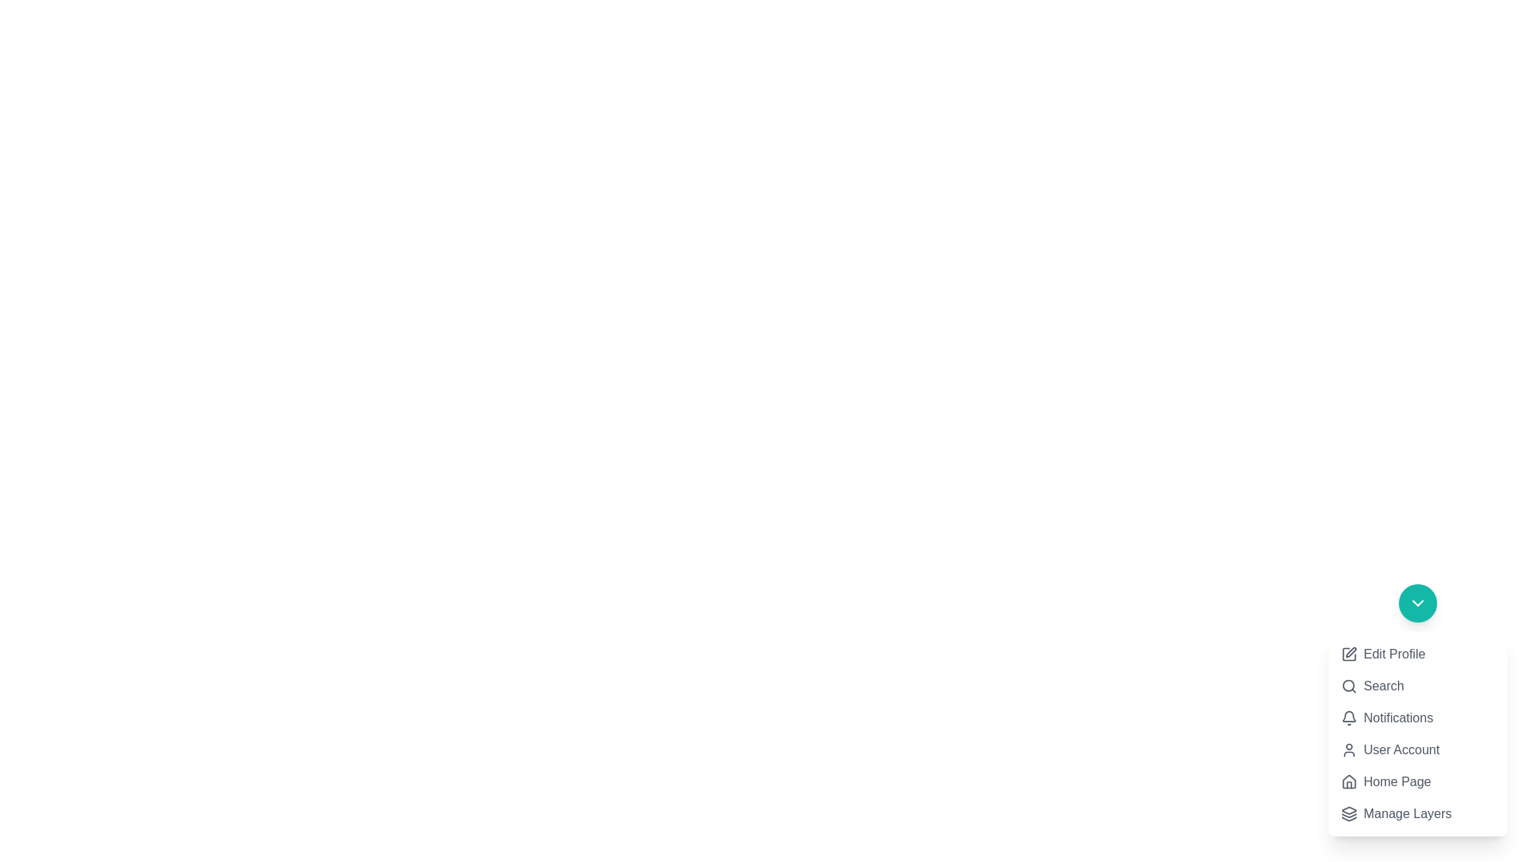 This screenshot has width=1533, height=862. Describe the element at coordinates (1348, 654) in the screenshot. I see `the 'Edit Profile' option in the dropdown menu by targeting the graphical SVG icon that resembles a document-like shape` at that location.